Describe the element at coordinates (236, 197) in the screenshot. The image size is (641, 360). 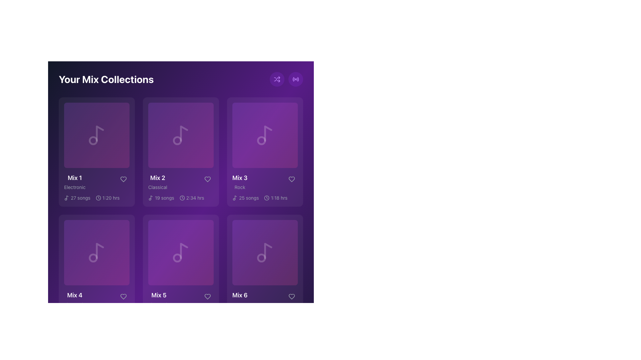
I see `the stylized musical note icon located within the 'Mix 3' card, which is the third item in the first row of the music collection interface` at that location.